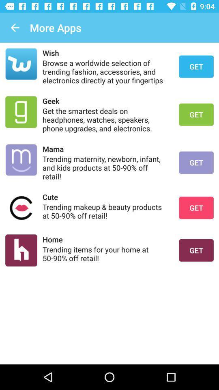 The width and height of the screenshot is (219, 390). Describe the element at coordinates (105, 100) in the screenshot. I see `the item next to get` at that location.